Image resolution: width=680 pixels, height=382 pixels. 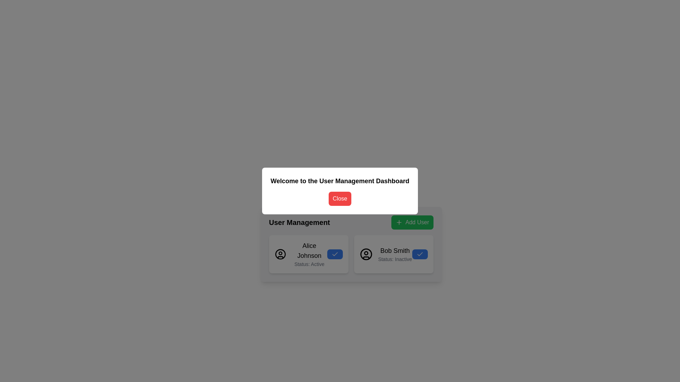 What do you see at coordinates (340, 191) in the screenshot?
I see `the 'Close' button in the centered modal dialog box of the User Management Dashboard` at bounding box center [340, 191].